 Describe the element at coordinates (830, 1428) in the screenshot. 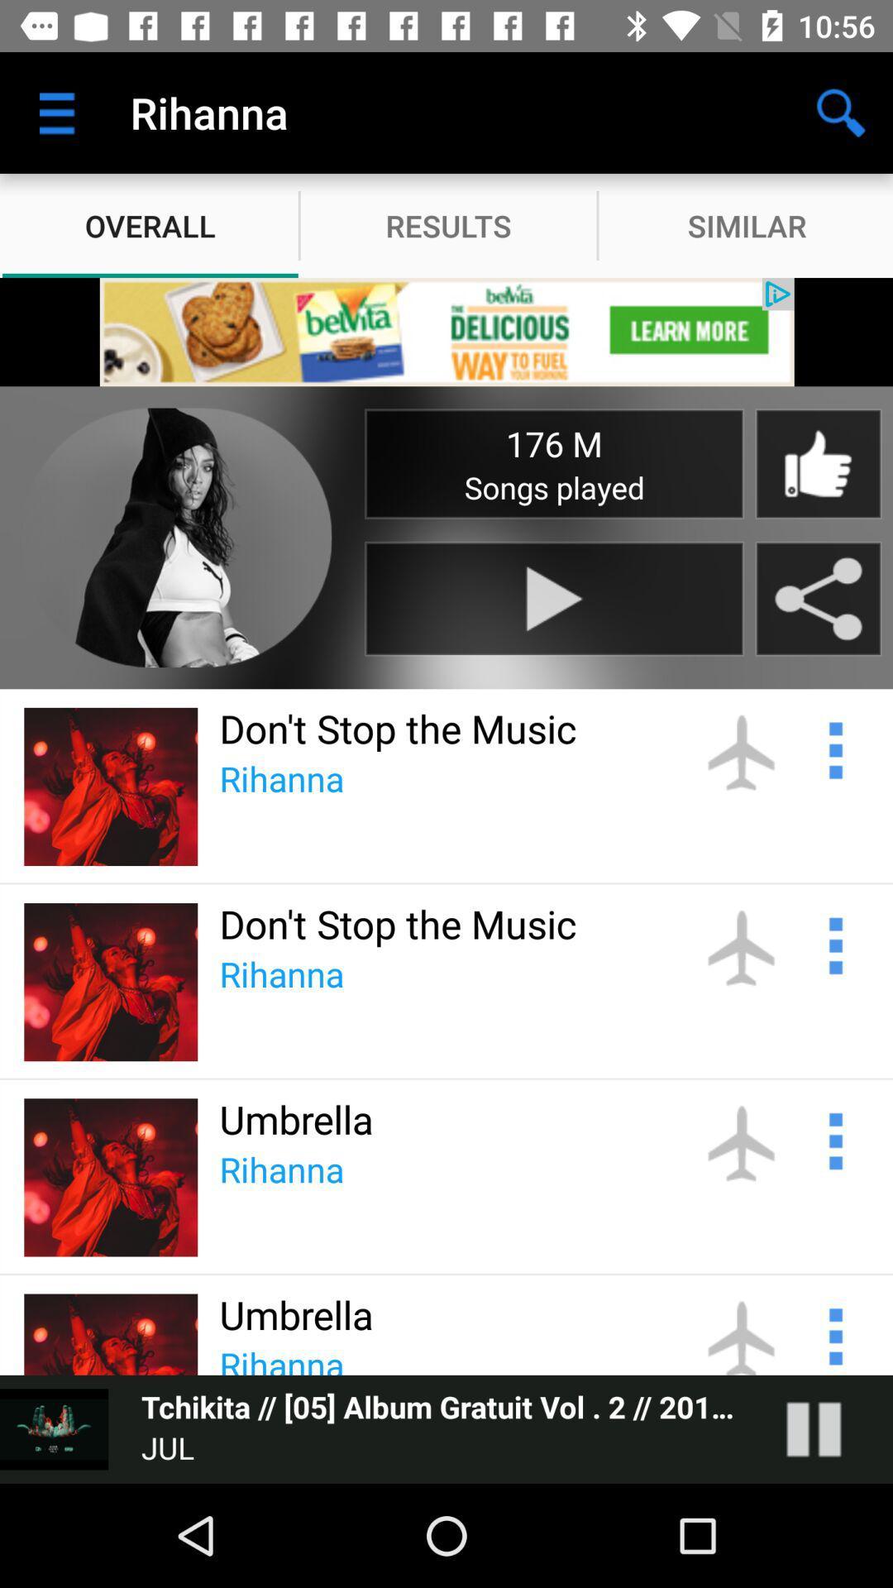

I see `the pause button` at that location.